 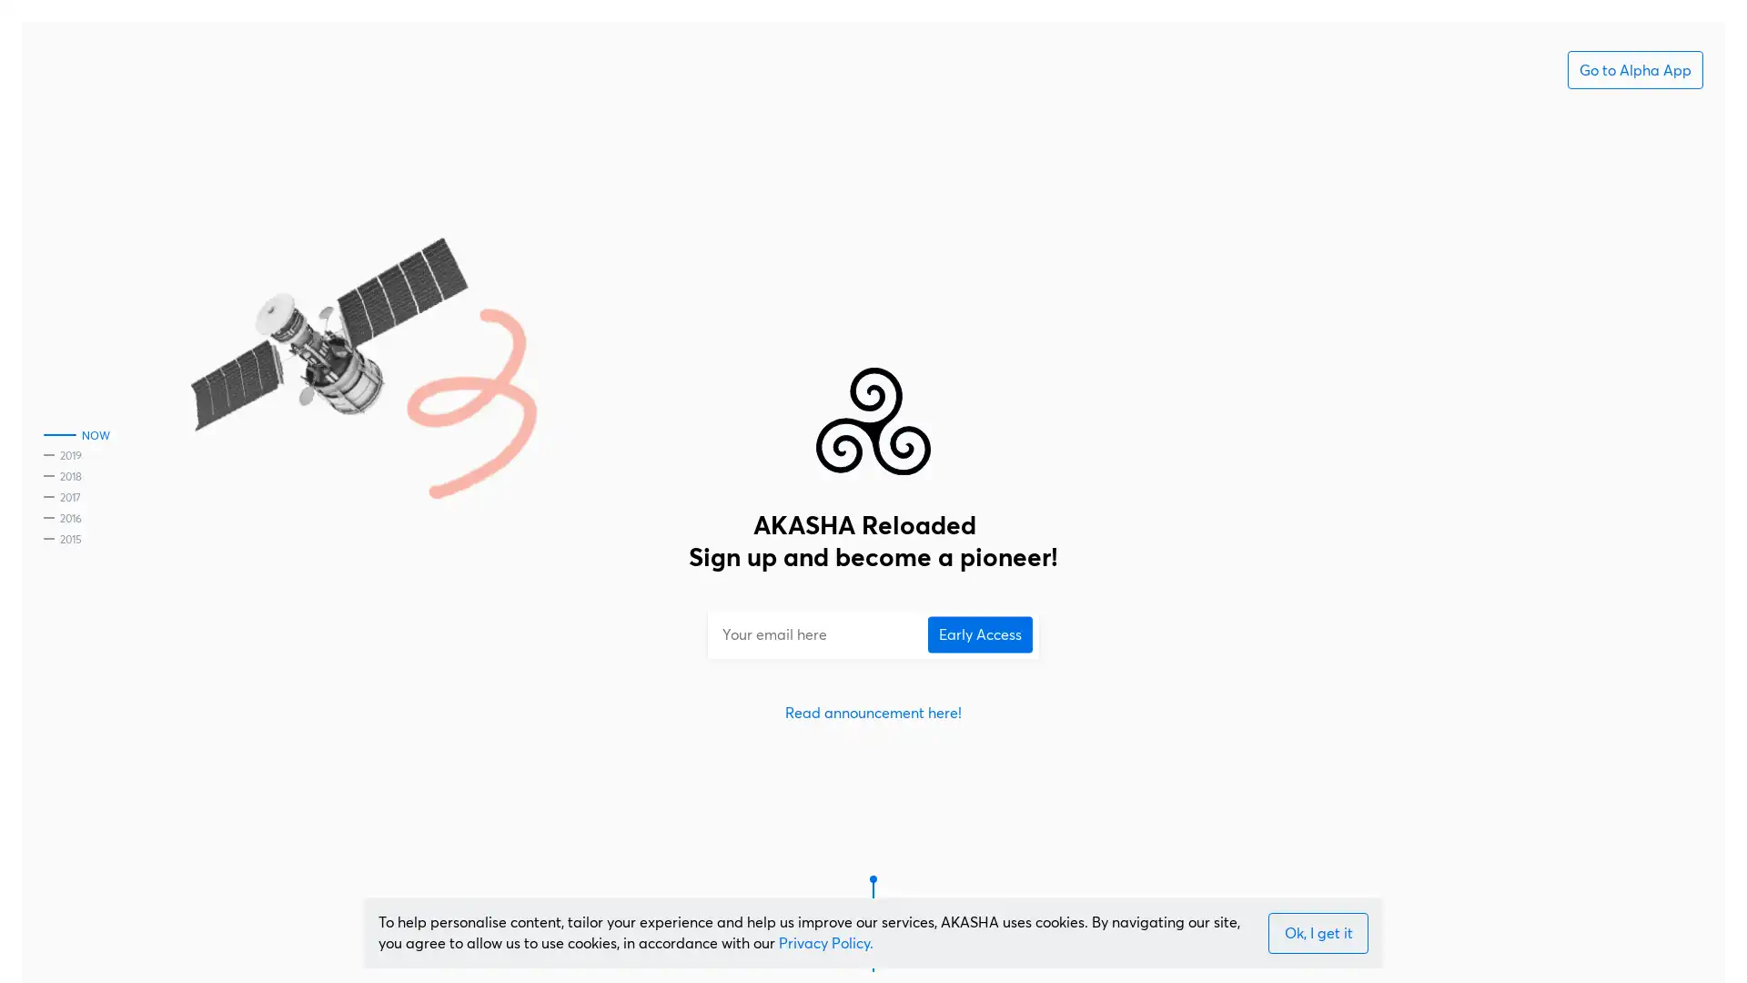 What do you see at coordinates (62, 477) in the screenshot?
I see `2018` at bounding box center [62, 477].